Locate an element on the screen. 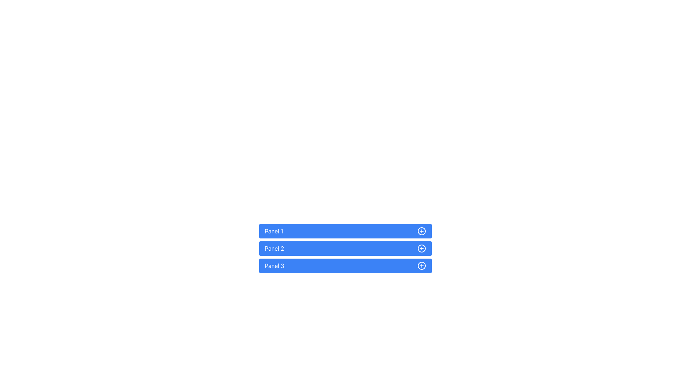 The image size is (691, 389). the second icon button located to the right of the text 'Panel 2' is located at coordinates (421, 248).